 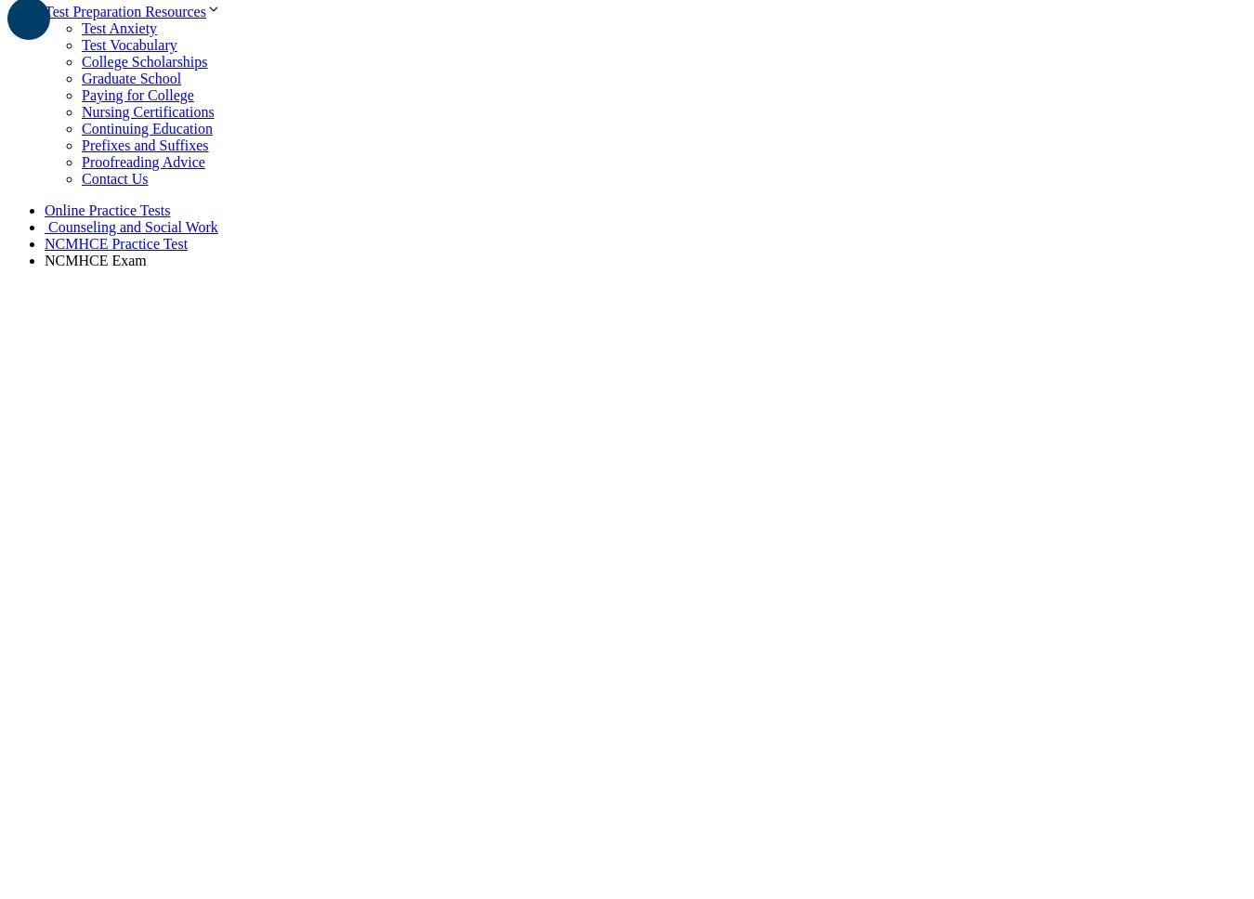 What do you see at coordinates (81, 143) in the screenshot?
I see `'Prefixes and Suffixes'` at bounding box center [81, 143].